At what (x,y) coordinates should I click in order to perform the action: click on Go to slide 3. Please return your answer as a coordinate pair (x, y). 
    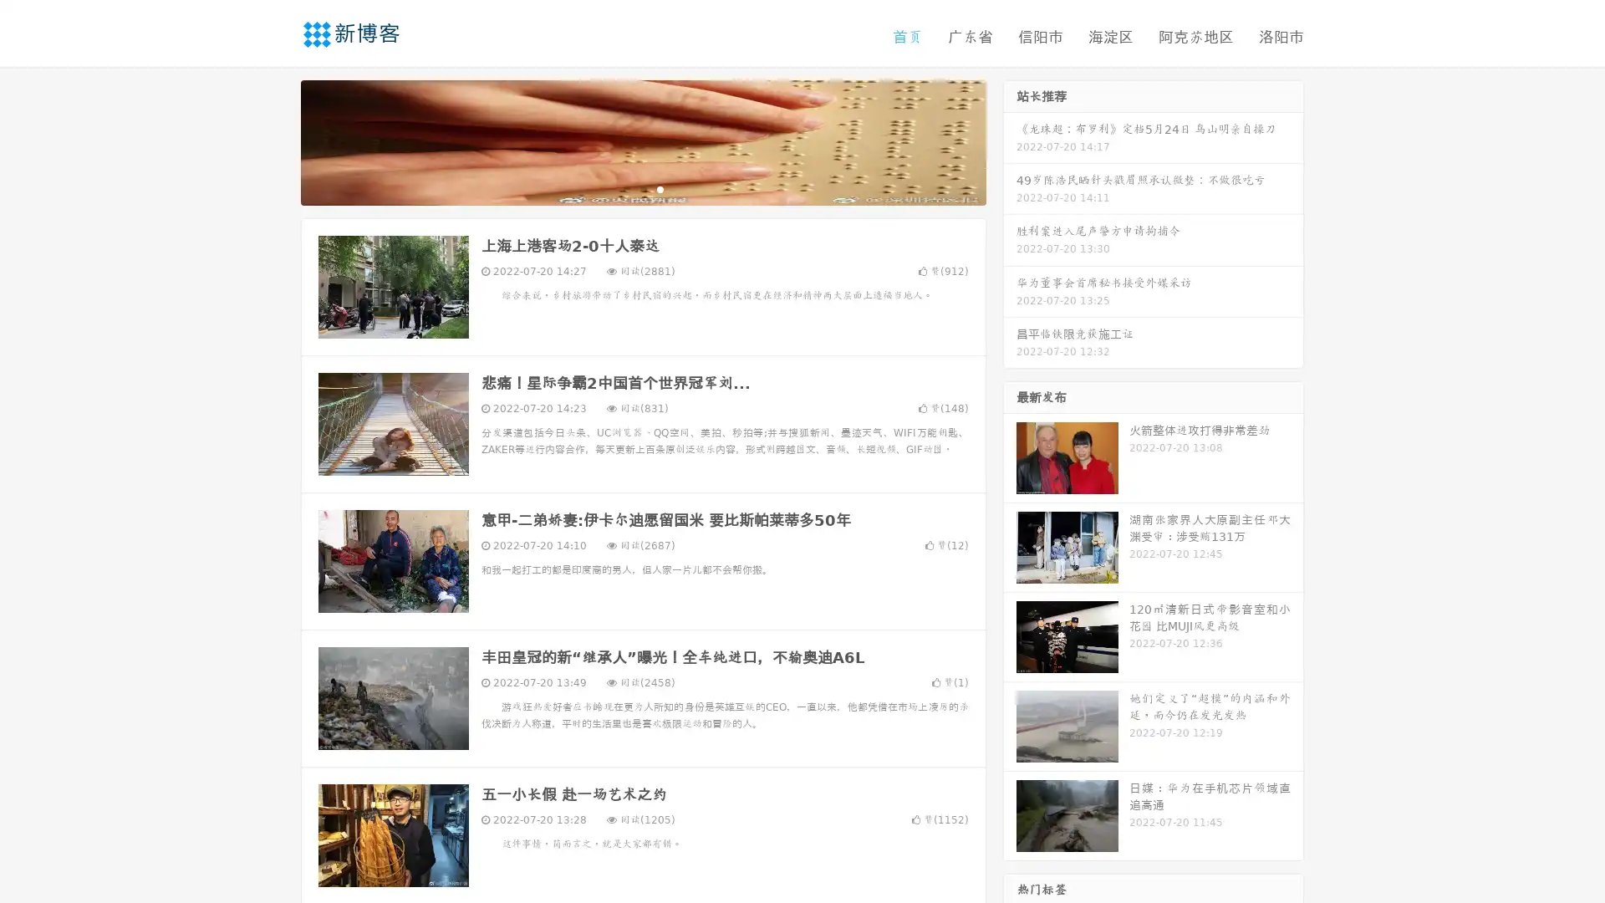
    Looking at the image, I should click on (660, 188).